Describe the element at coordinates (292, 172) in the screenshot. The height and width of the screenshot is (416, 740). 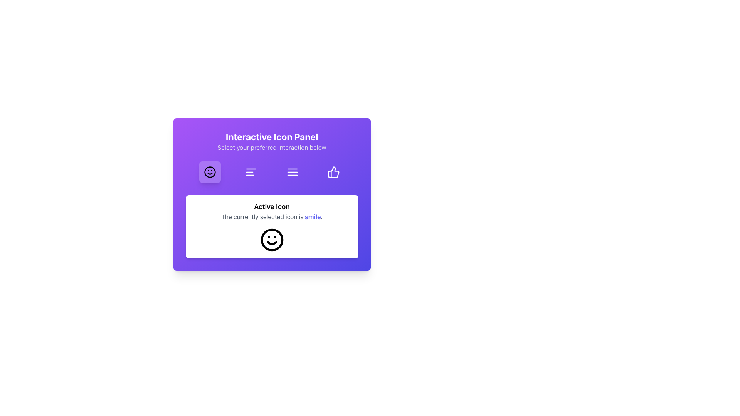
I see `the third button in the group of four buttons below the title 'Interactive Icon Panel'` at that location.